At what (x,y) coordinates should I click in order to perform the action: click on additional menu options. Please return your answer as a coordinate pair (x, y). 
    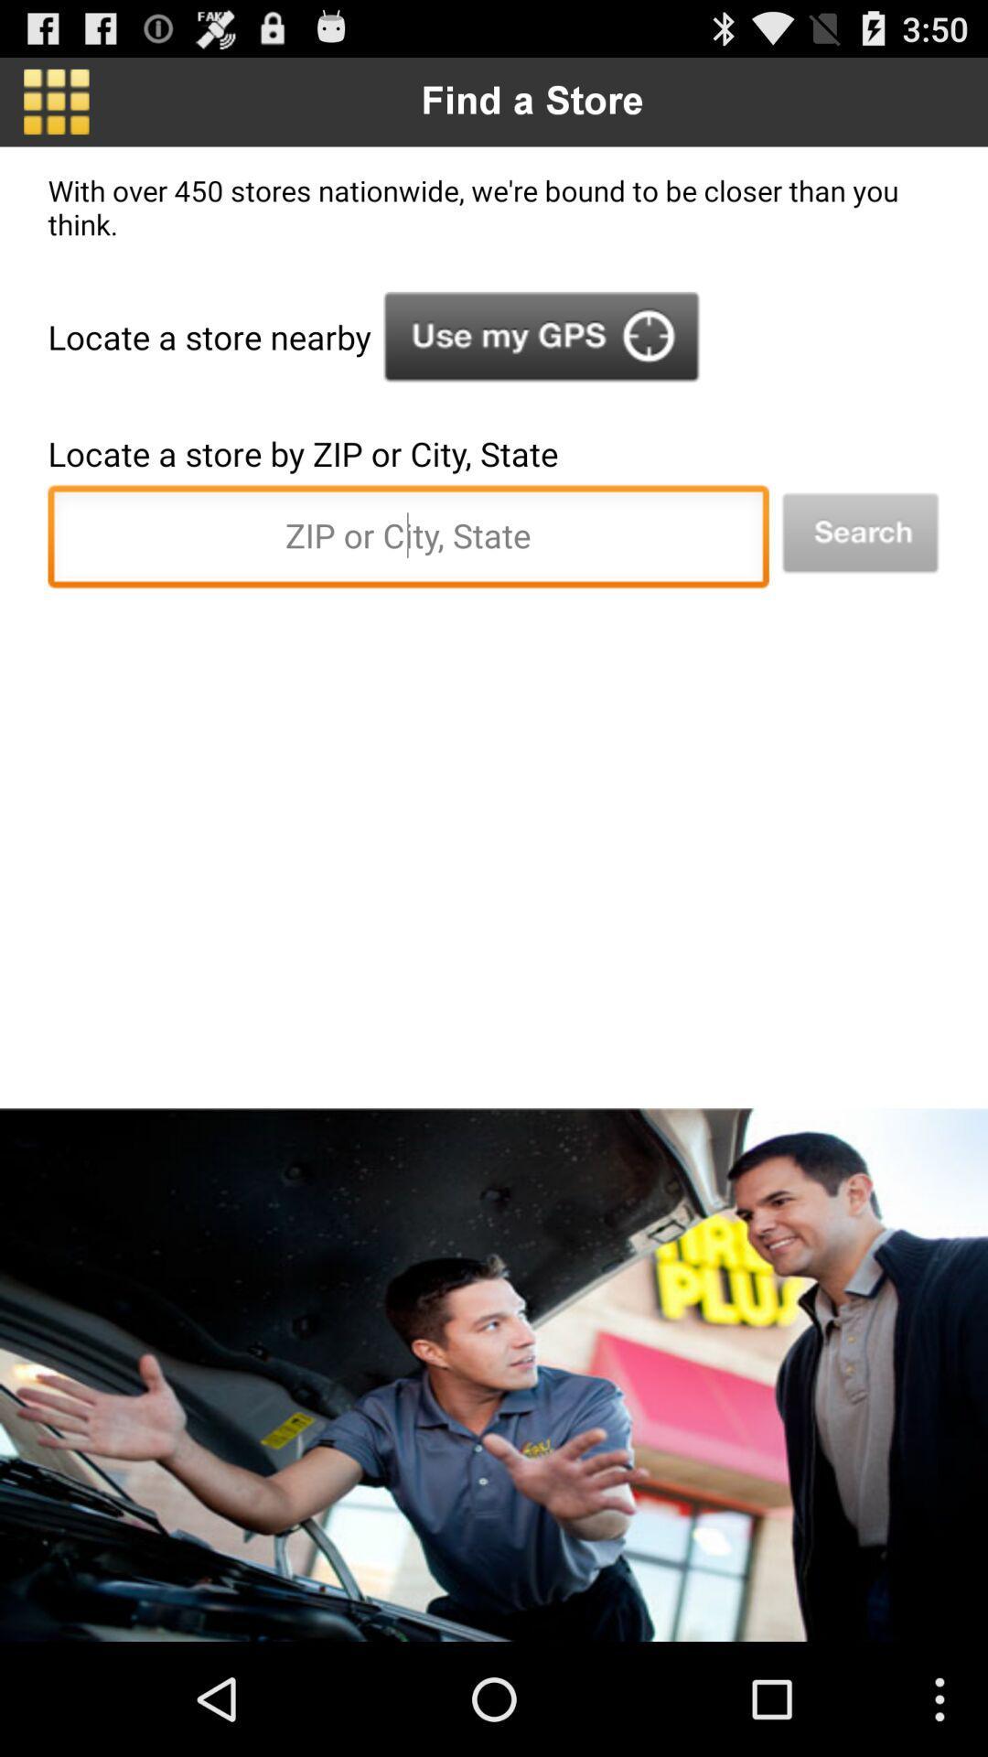
    Looking at the image, I should click on (55, 101).